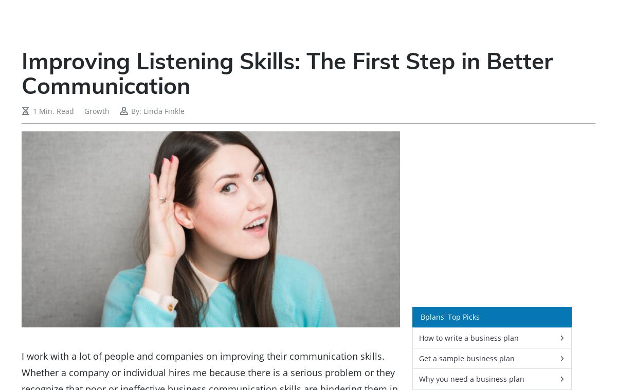  I want to click on 'Business Planning', so click(319, 19).